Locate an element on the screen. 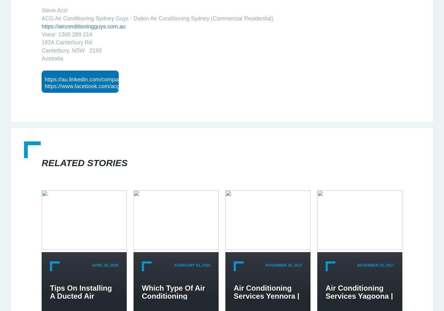 This screenshot has height=311, width=444. '1300 289 214' is located at coordinates (75, 34).